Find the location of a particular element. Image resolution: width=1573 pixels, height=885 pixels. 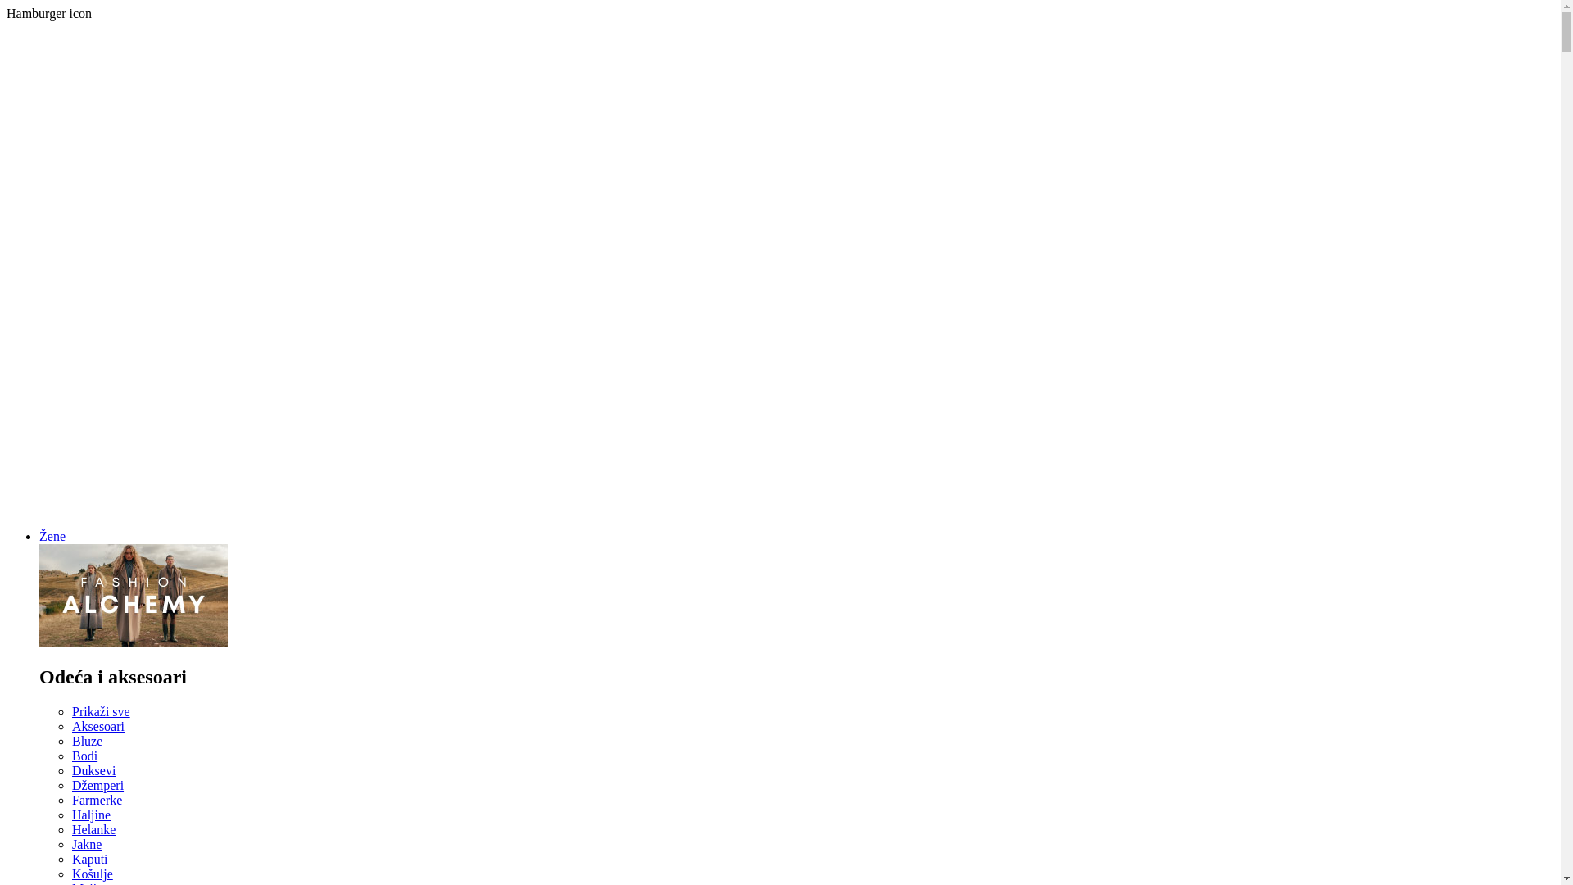

'Duksevi' is located at coordinates (93, 770).